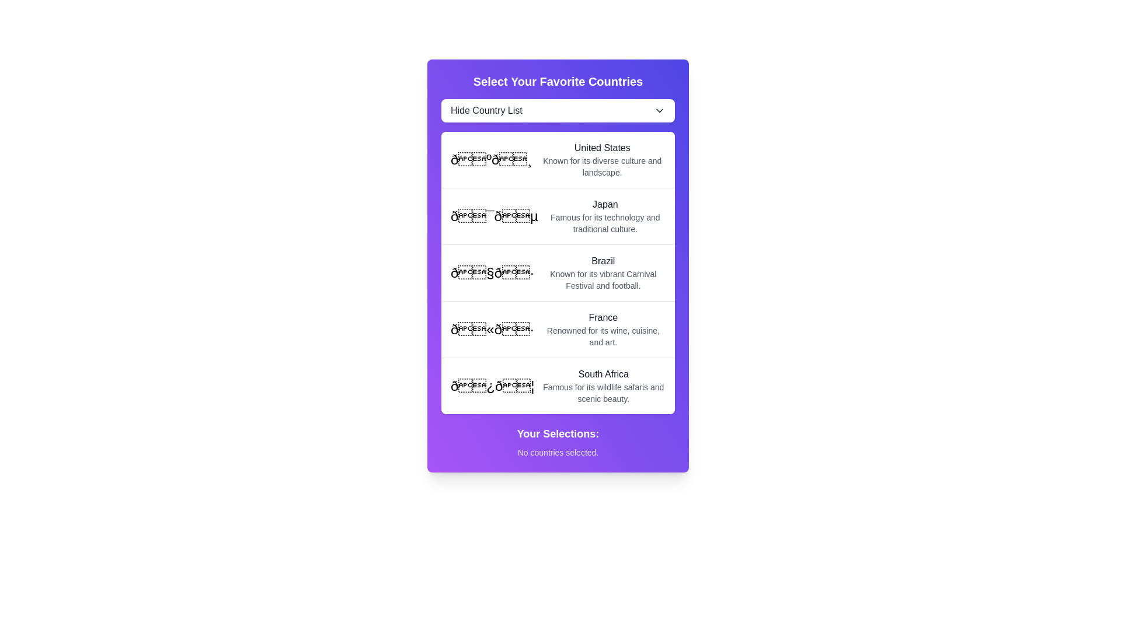 The width and height of the screenshot is (1121, 630). What do you see at coordinates (557, 386) in the screenshot?
I see `the descriptive list item for South Africa, which features a flag emoji and bold text` at bounding box center [557, 386].